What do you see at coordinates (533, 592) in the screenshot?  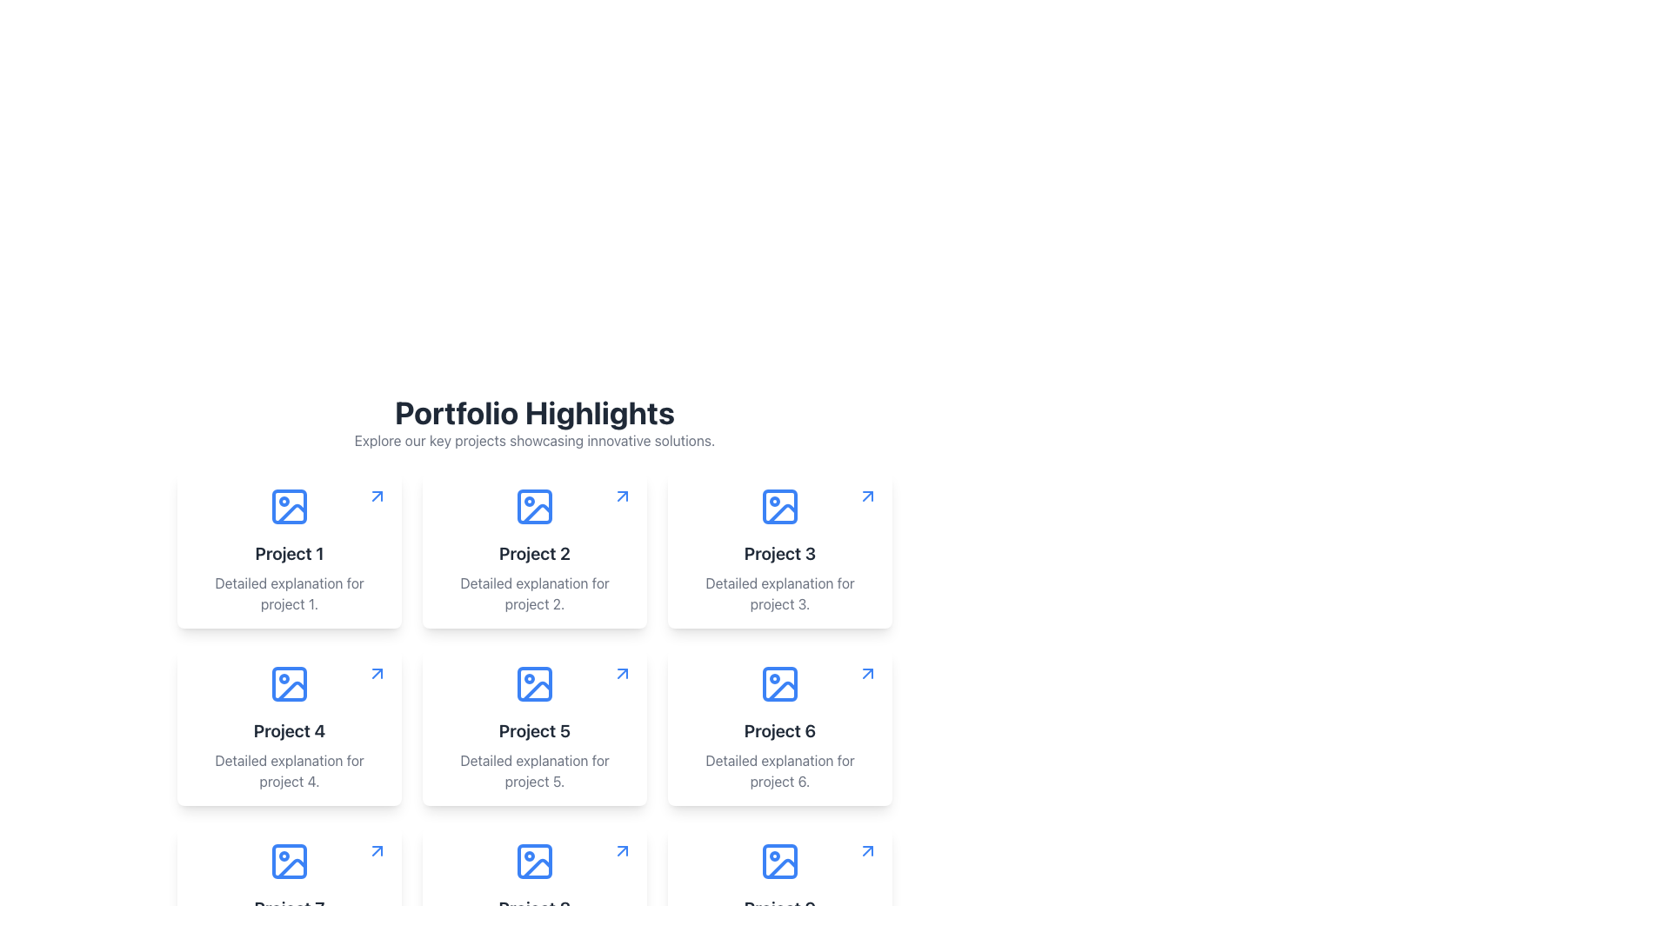 I see `descriptive text block located below the title 'Project 2' in the project card within the second column of the first row` at bounding box center [533, 592].